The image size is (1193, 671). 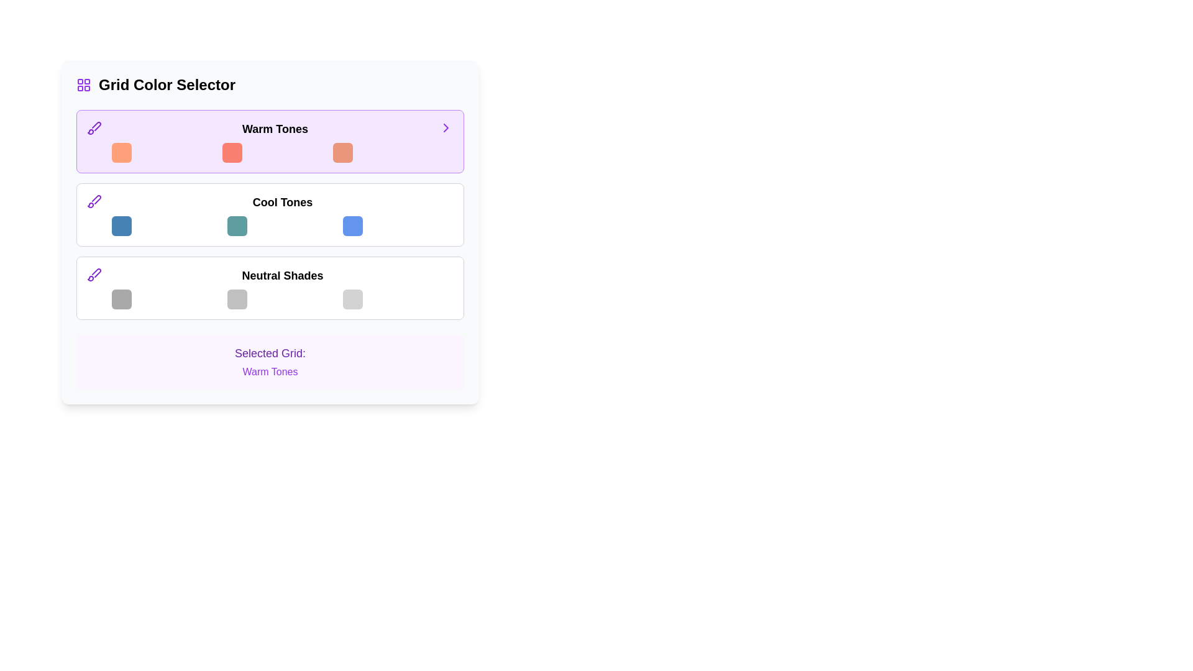 What do you see at coordinates (352, 226) in the screenshot?
I see `the third grid item in the 'Cool Tones' section, which is a rounded square with a solid blue background, to observe more details` at bounding box center [352, 226].